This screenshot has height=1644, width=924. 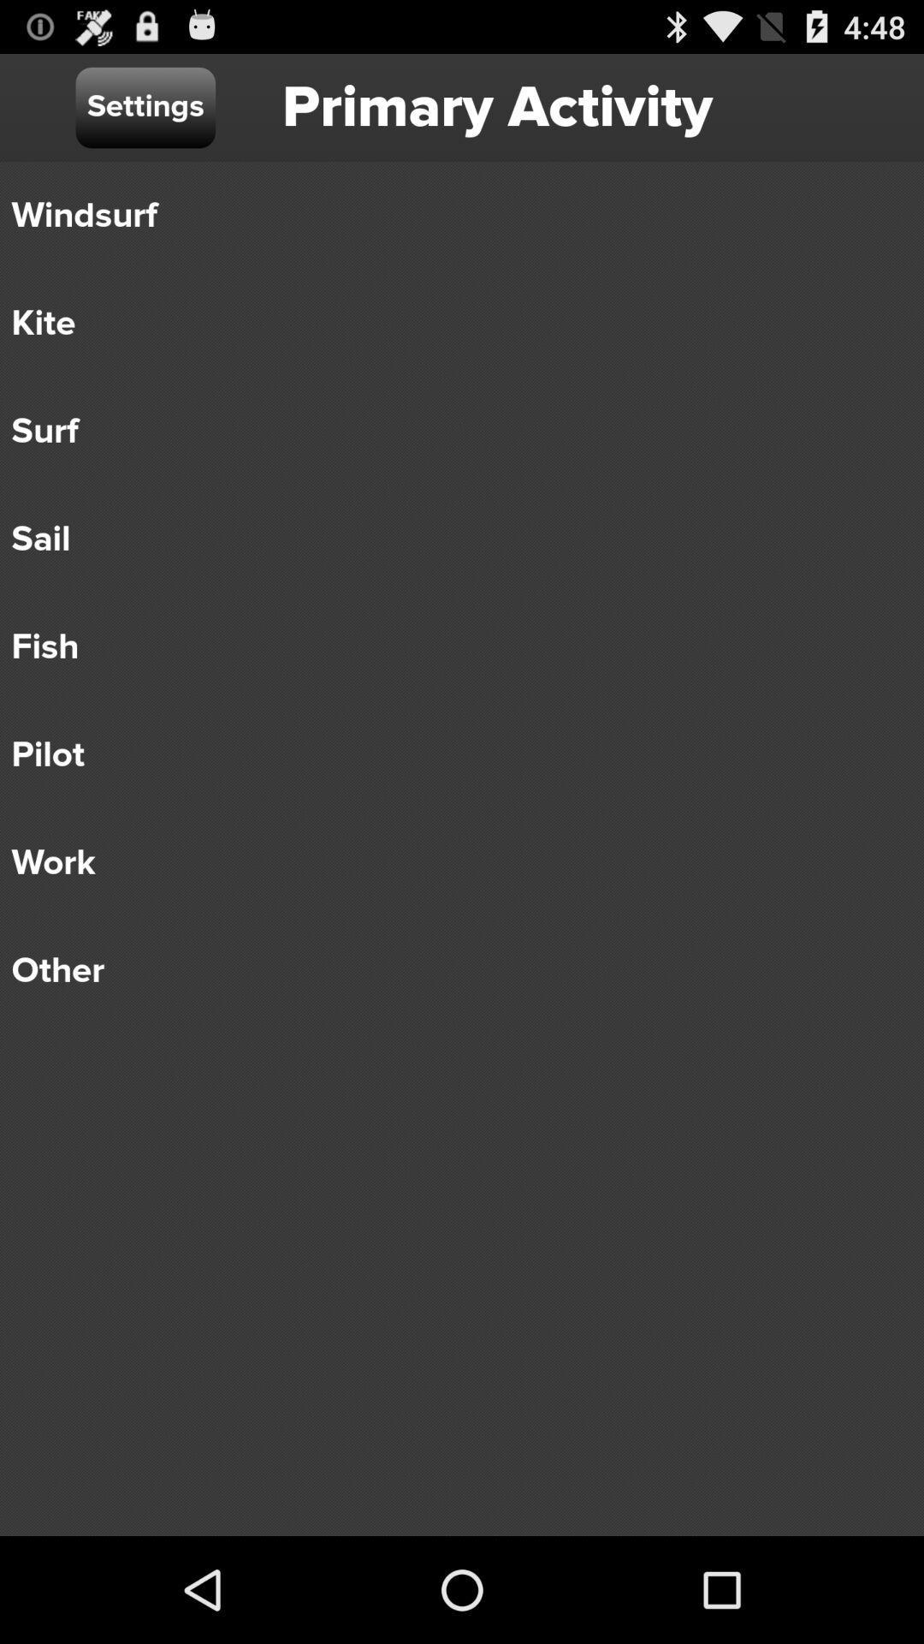 What do you see at coordinates (449, 863) in the screenshot?
I see `the work` at bounding box center [449, 863].